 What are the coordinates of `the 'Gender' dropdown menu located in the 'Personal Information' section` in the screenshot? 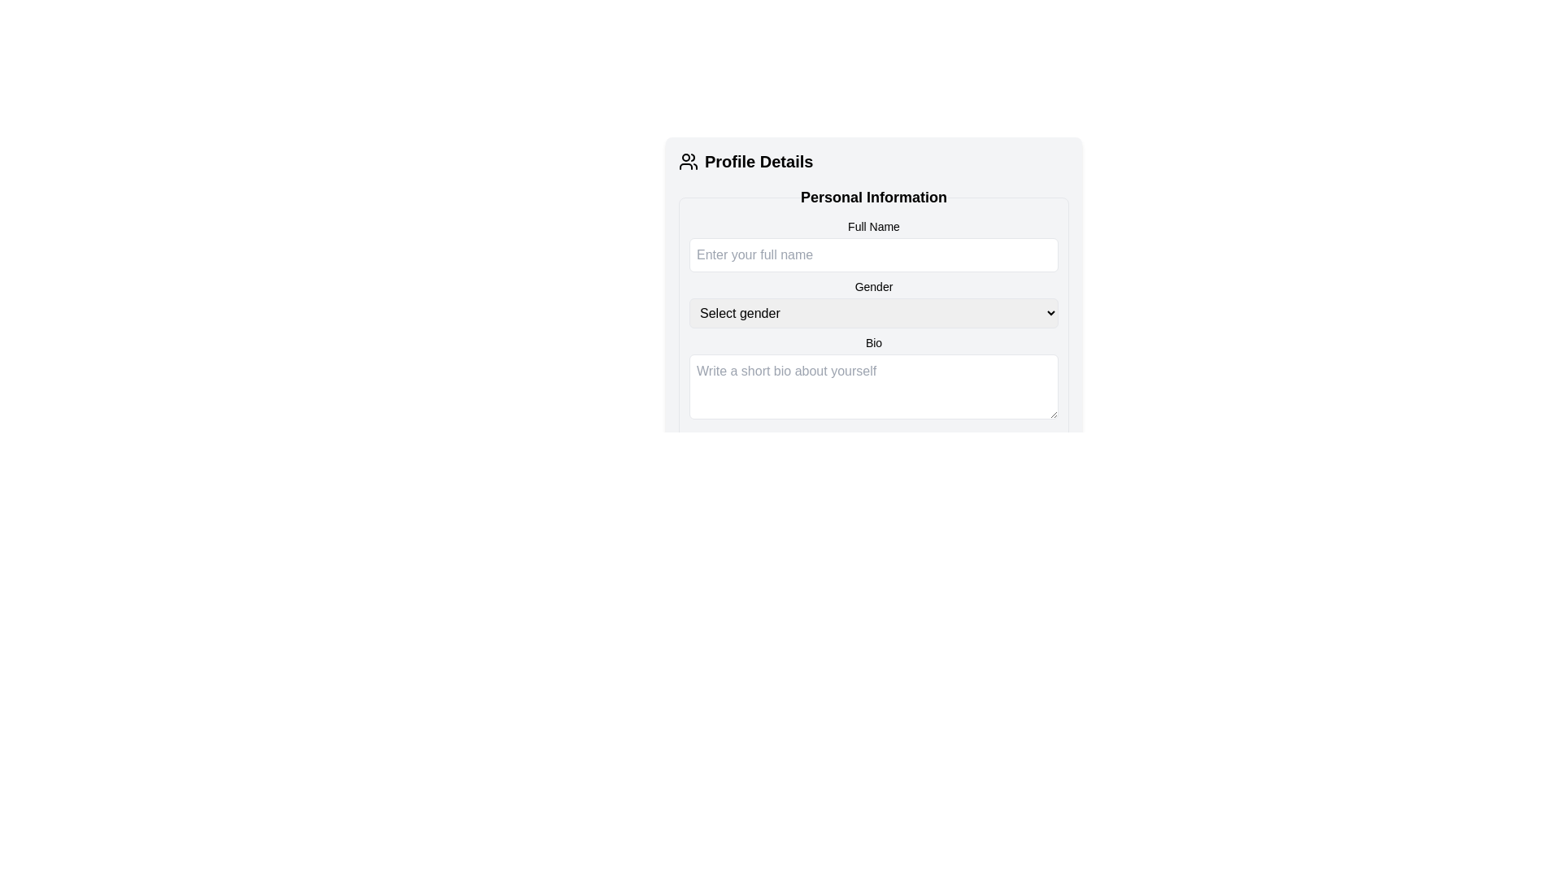 It's located at (873, 303).